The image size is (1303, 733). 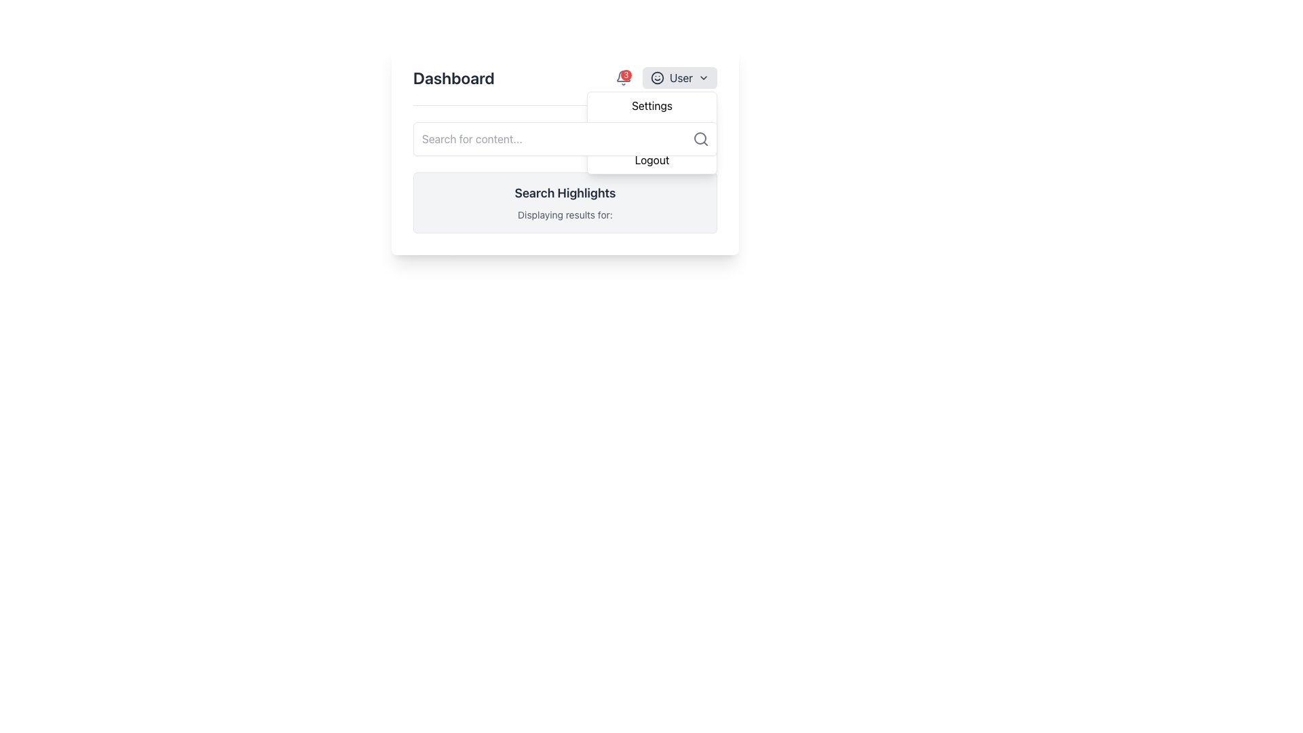 What do you see at coordinates (681, 78) in the screenshot?
I see `the Text label that indicates the active or logged-in user, which is positioned to the immediate right of an icon and to the left of a chevron-down icon` at bounding box center [681, 78].